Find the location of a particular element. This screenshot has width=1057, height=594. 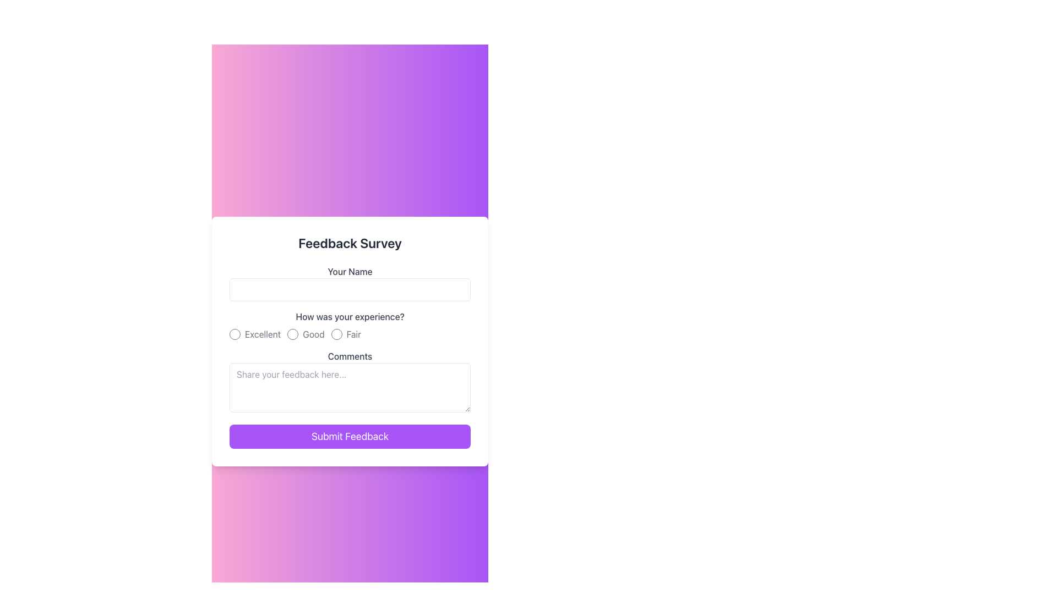

the 'Excellent' radio button is located at coordinates (235, 334).